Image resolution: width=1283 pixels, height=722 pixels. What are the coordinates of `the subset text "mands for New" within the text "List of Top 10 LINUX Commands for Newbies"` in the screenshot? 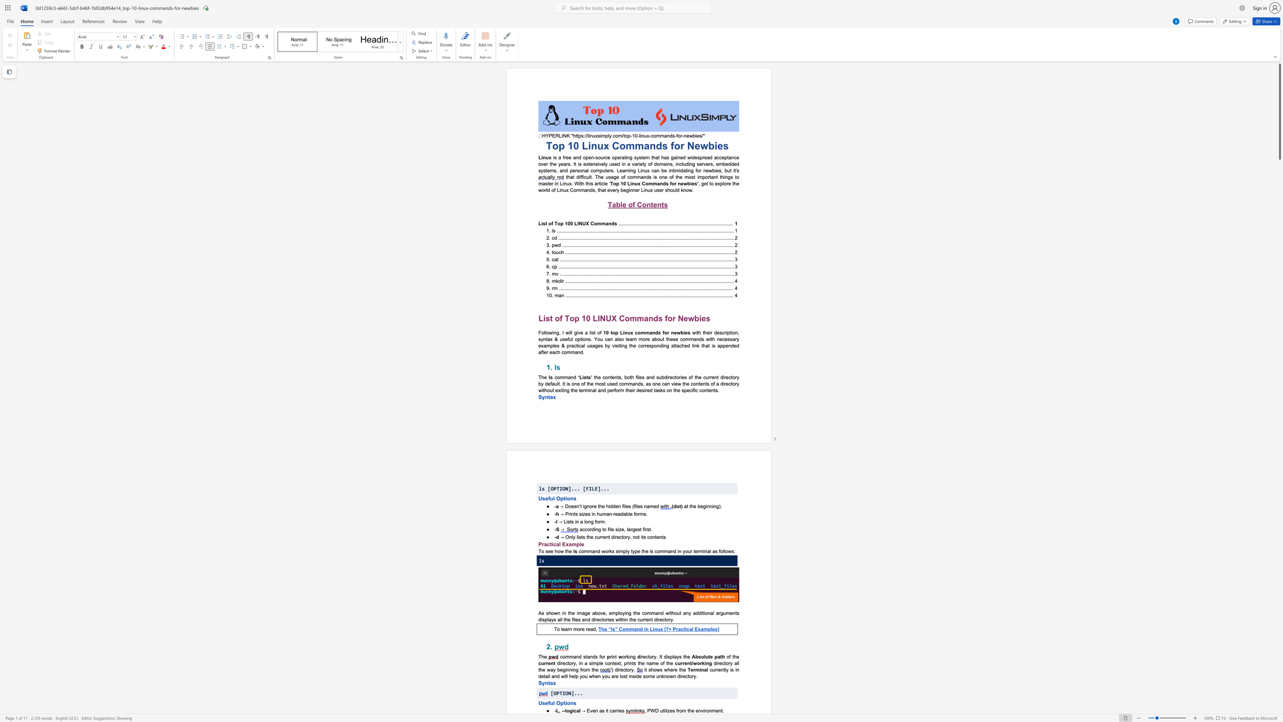 It's located at (636, 317).